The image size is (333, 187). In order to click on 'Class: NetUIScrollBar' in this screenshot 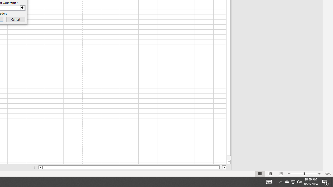, I will do `click(132, 167)`.